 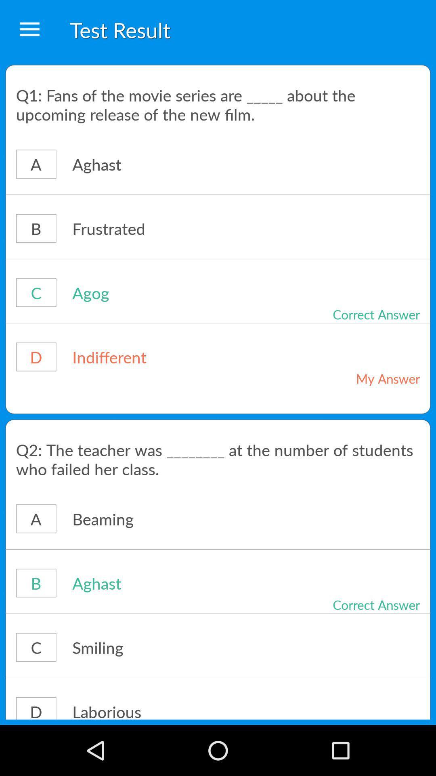 I want to click on the item above a, so click(x=218, y=104).